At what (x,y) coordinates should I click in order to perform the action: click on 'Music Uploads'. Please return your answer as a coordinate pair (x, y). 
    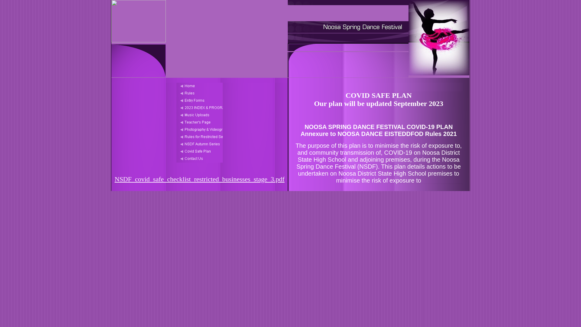
    Looking at the image, I should click on (199, 115).